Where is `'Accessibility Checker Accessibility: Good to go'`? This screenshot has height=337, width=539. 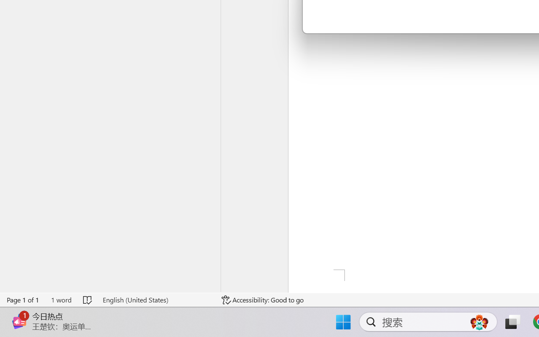
'Accessibility Checker Accessibility: Good to go' is located at coordinates (262, 300).